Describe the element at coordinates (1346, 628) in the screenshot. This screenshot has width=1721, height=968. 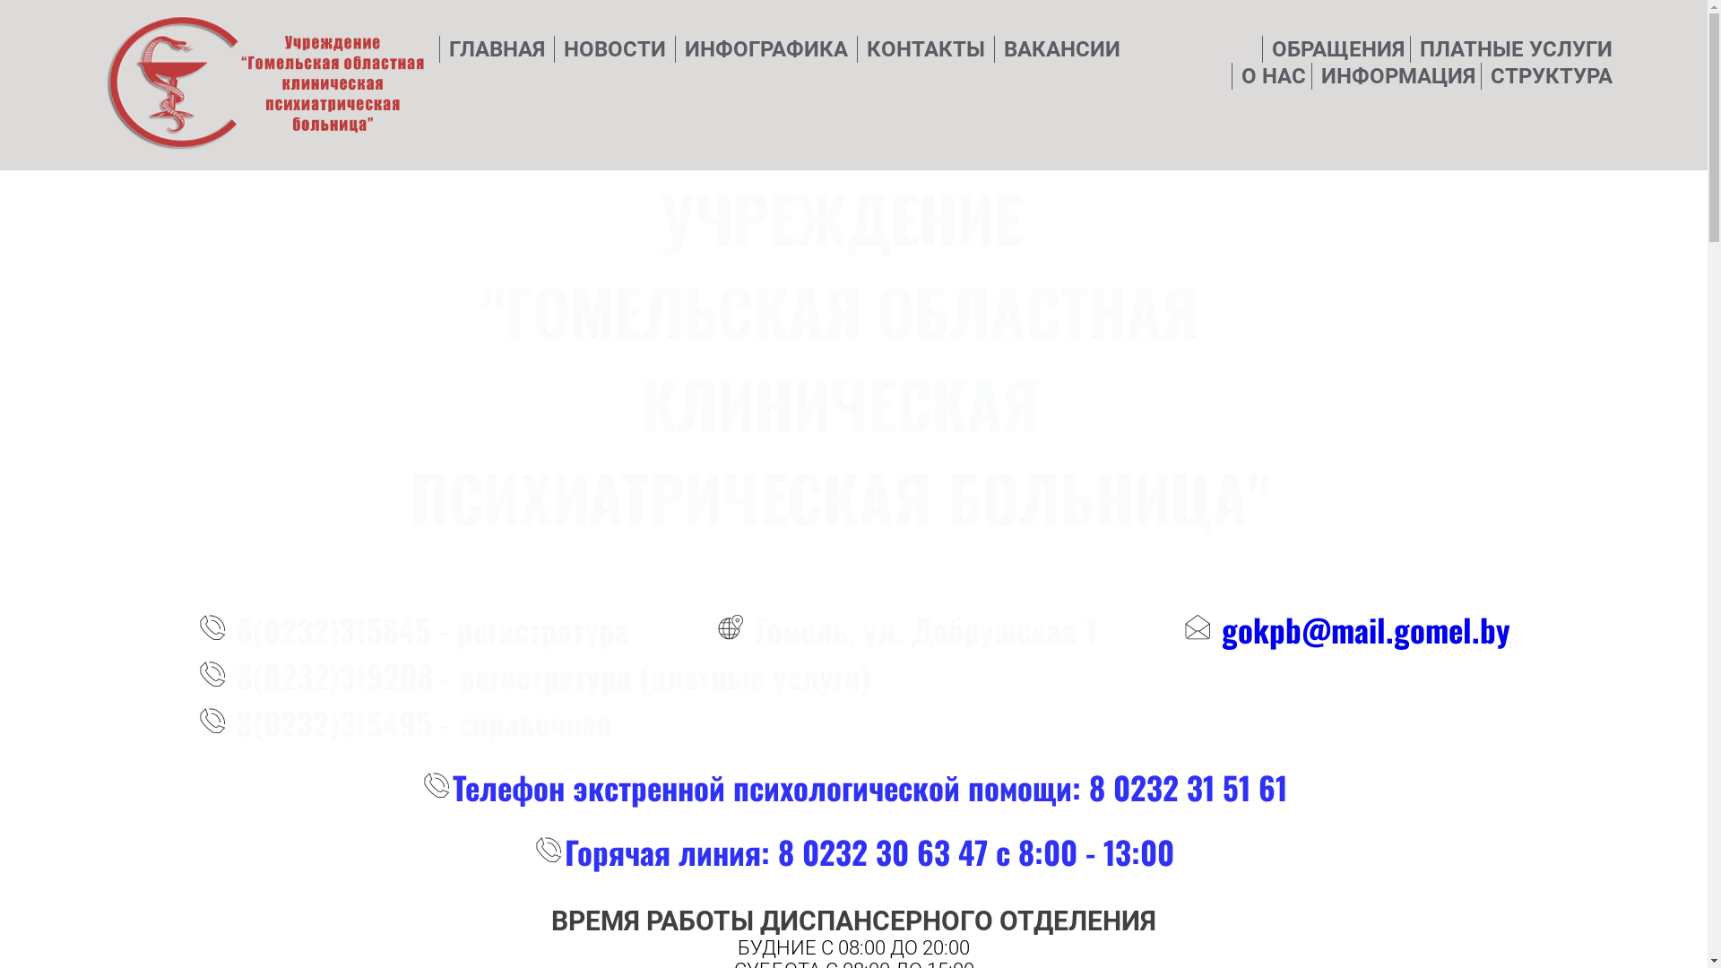
I see `'gokpb@mail.gomel.by'` at that location.